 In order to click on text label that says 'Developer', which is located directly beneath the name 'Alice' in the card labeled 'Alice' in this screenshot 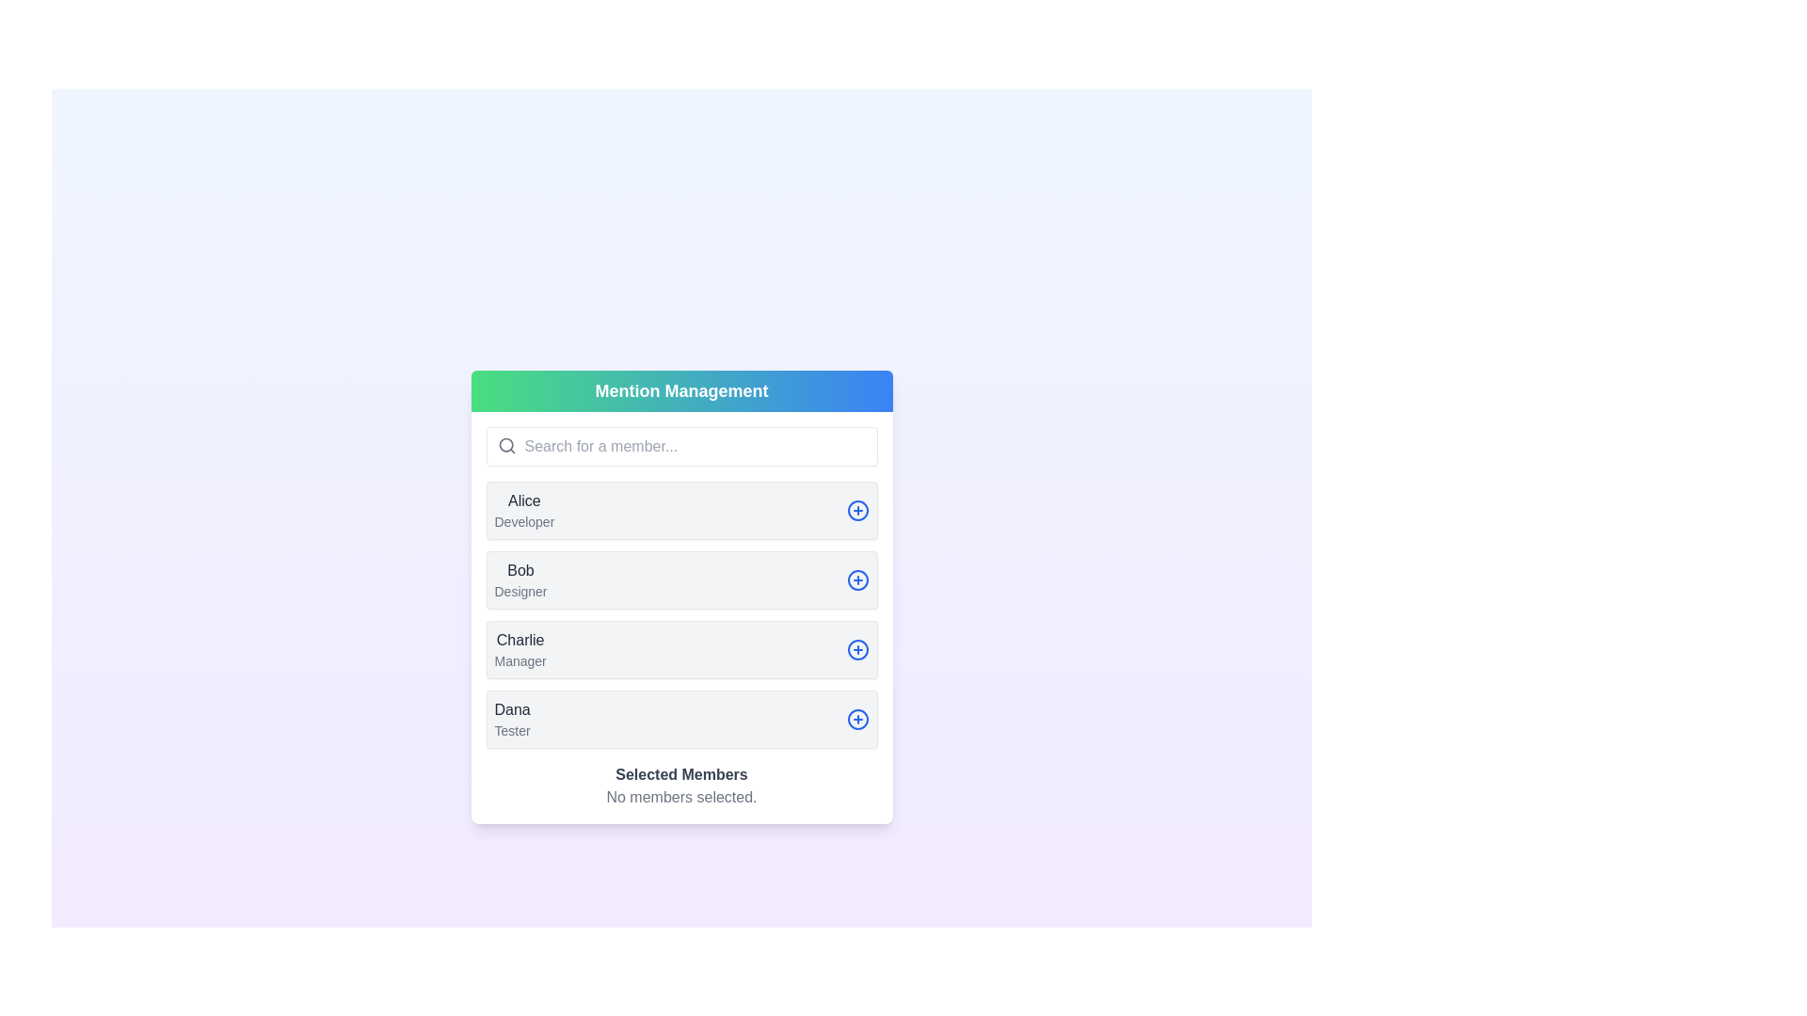, I will do `click(524, 522)`.